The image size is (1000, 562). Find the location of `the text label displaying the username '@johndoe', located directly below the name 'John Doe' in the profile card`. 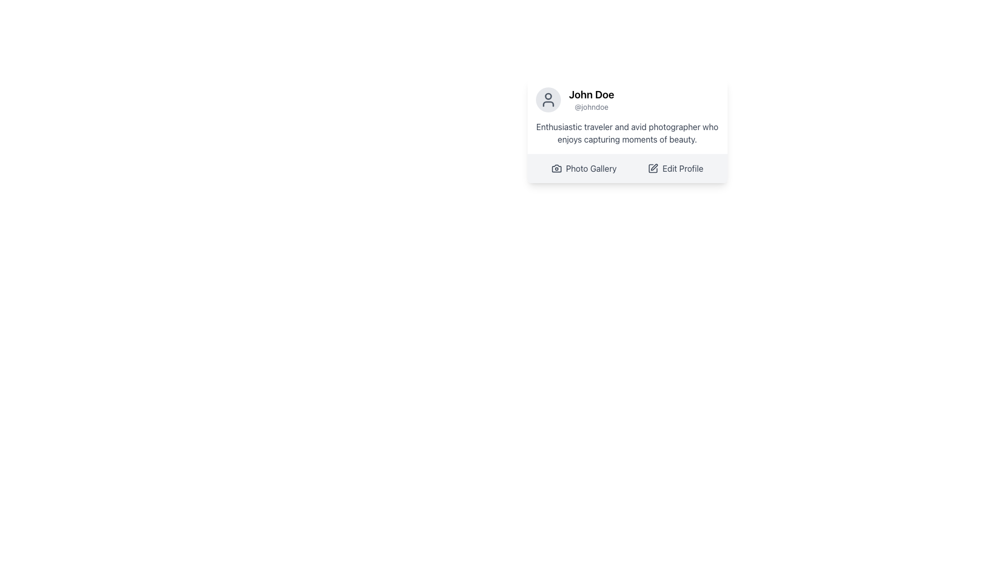

the text label displaying the username '@johndoe', located directly below the name 'John Doe' in the profile card is located at coordinates (591, 107).